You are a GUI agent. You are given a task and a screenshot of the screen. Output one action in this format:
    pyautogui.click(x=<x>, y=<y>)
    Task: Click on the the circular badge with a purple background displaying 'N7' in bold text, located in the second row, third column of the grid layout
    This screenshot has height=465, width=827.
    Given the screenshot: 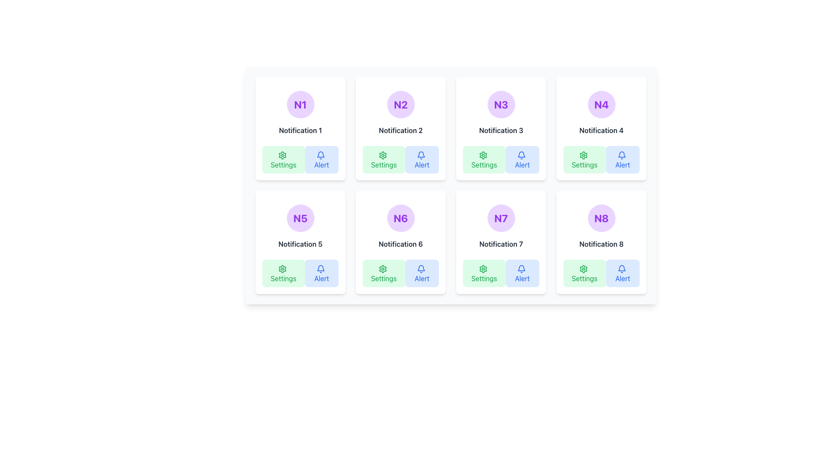 What is the action you would take?
    pyautogui.click(x=501, y=217)
    